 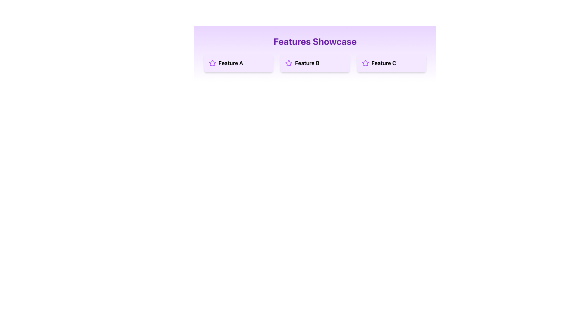 What do you see at coordinates (307, 63) in the screenshot?
I see `the text element representing 'Feature B', which serves as a label in the UI, positioned centrally between 'Feature A' and 'Feature C'` at bounding box center [307, 63].